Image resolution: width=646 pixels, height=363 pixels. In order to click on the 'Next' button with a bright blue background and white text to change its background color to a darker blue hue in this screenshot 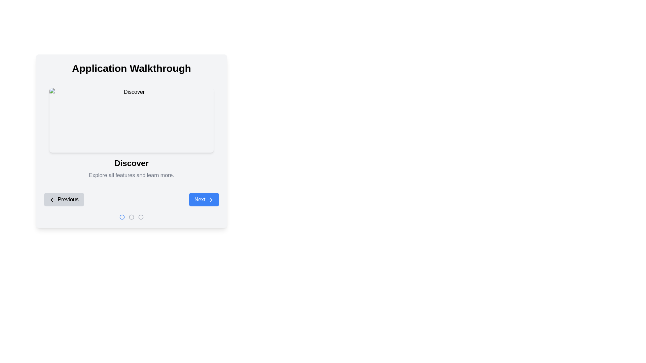, I will do `click(204, 199)`.